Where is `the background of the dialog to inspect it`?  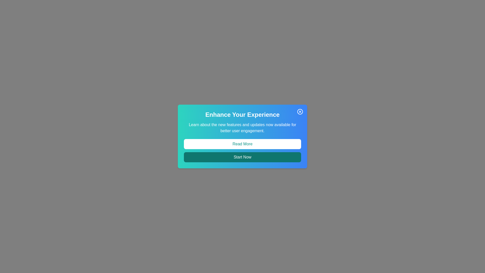 the background of the dialog to inspect it is located at coordinates (243, 136).